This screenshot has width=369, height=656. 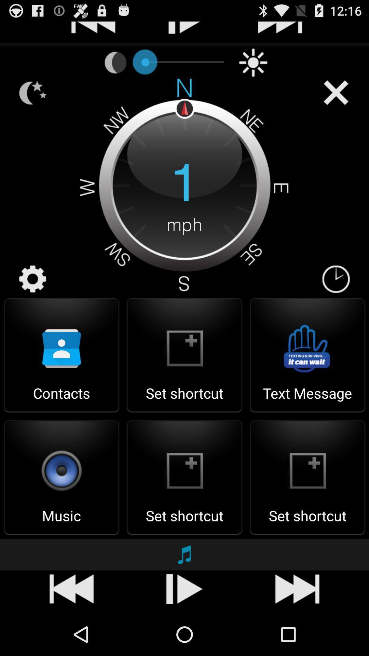 I want to click on the av_forward icon, so click(x=280, y=630).